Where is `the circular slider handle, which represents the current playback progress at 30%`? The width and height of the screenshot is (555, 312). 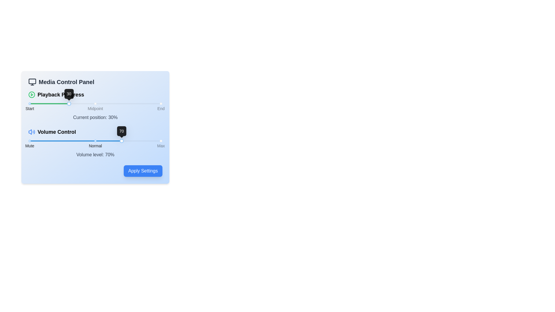
the circular slider handle, which represents the current playback progress at 30% is located at coordinates (69, 103).